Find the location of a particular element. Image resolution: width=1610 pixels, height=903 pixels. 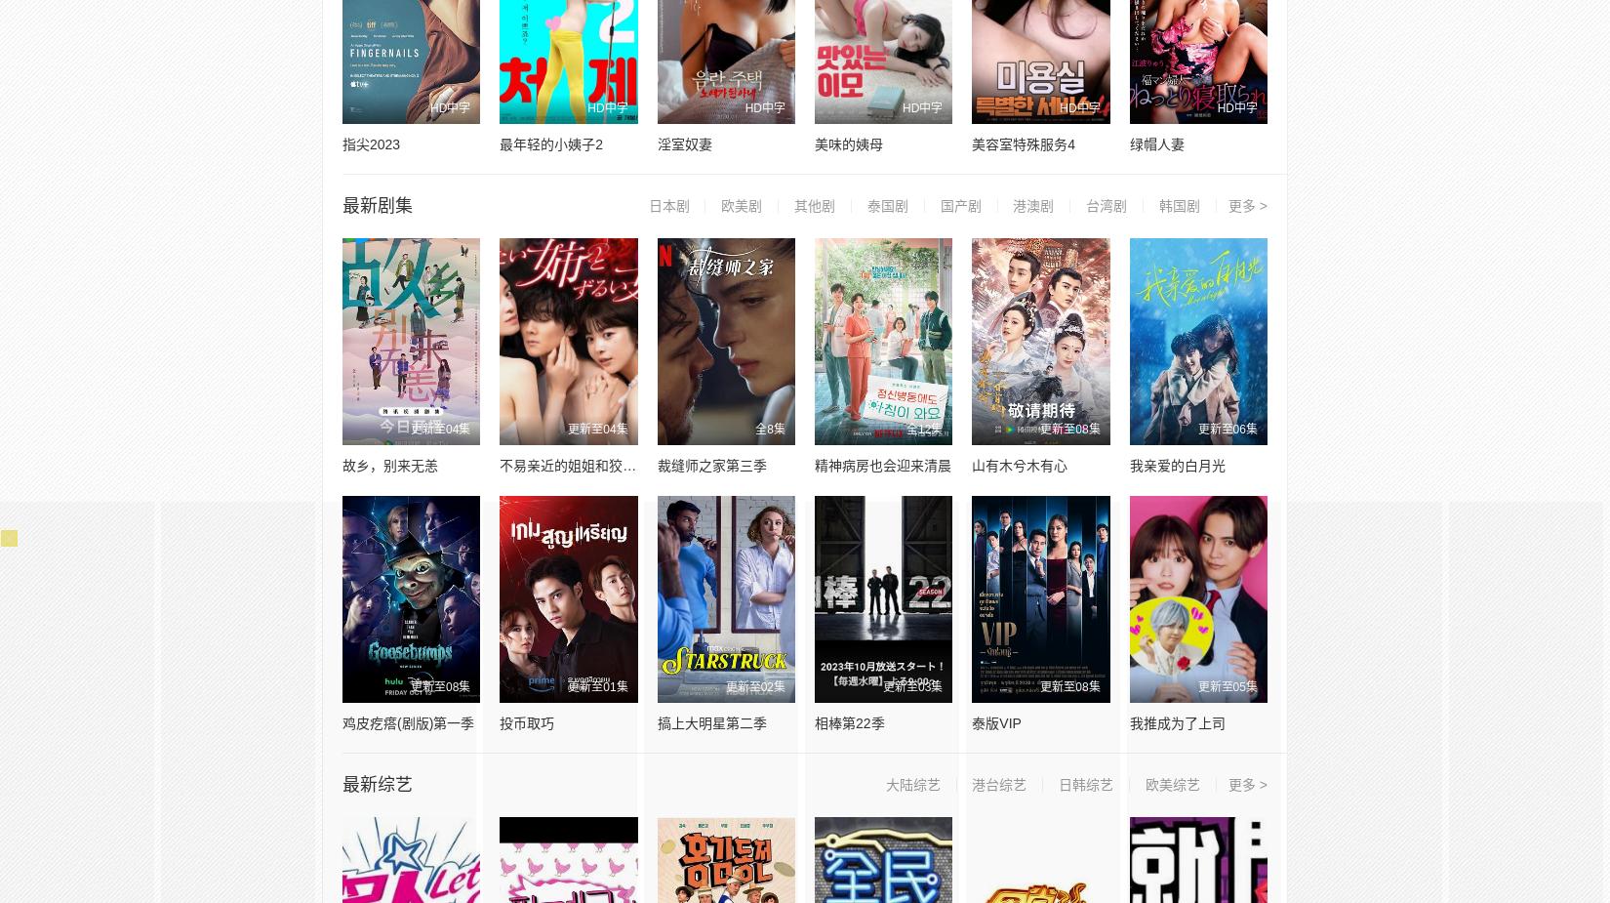

'最年轻的小姨子2' is located at coordinates (549, 142).